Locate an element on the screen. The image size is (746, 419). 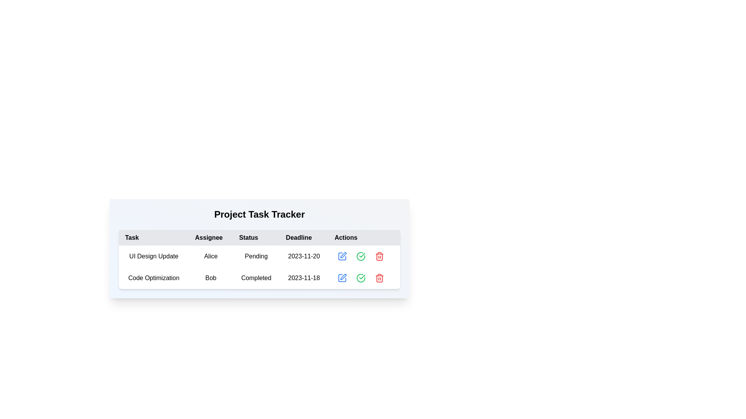
the confirmation action icon for the completed task 'Code Optimization' located in the 'Actions' column of the second row of the table is located at coordinates (362, 276).